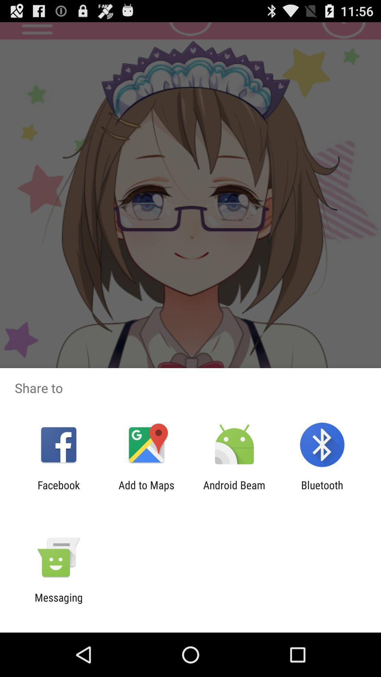 This screenshot has height=677, width=381. Describe the element at coordinates (146, 491) in the screenshot. I see `the add to maps icon` at that location.